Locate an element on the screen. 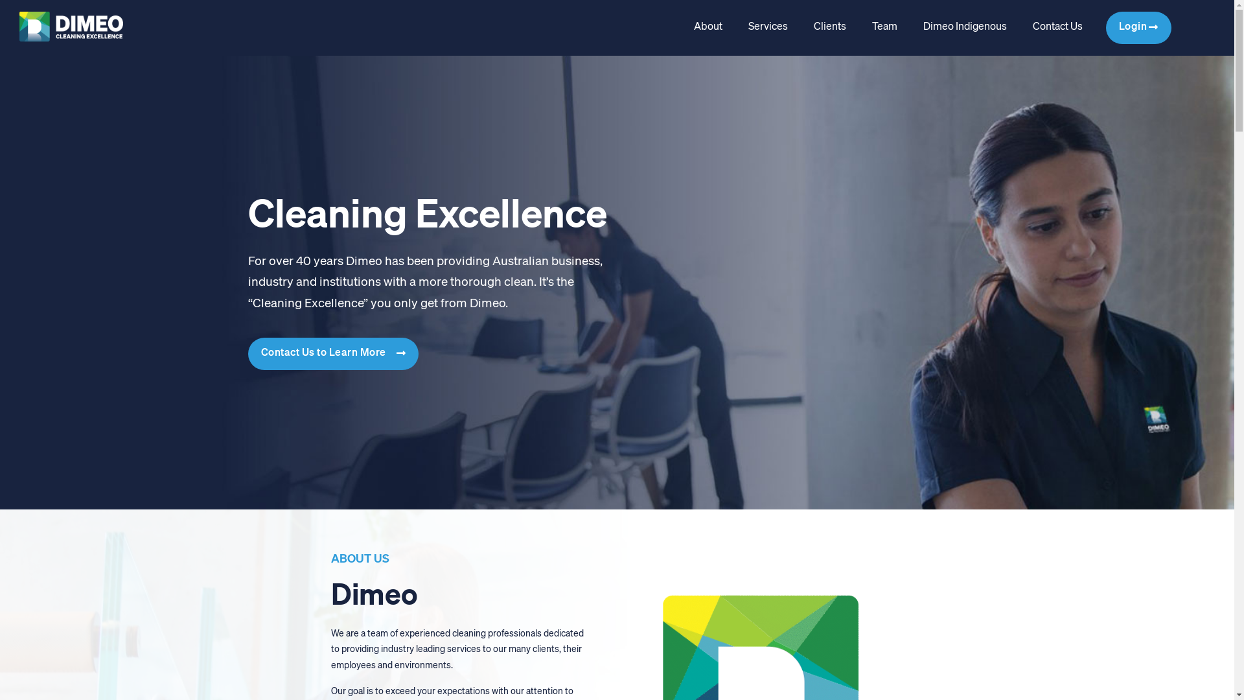 The width and height of the screenshot is (1244, 700). 'Team' is located at coordinates (858, 27).